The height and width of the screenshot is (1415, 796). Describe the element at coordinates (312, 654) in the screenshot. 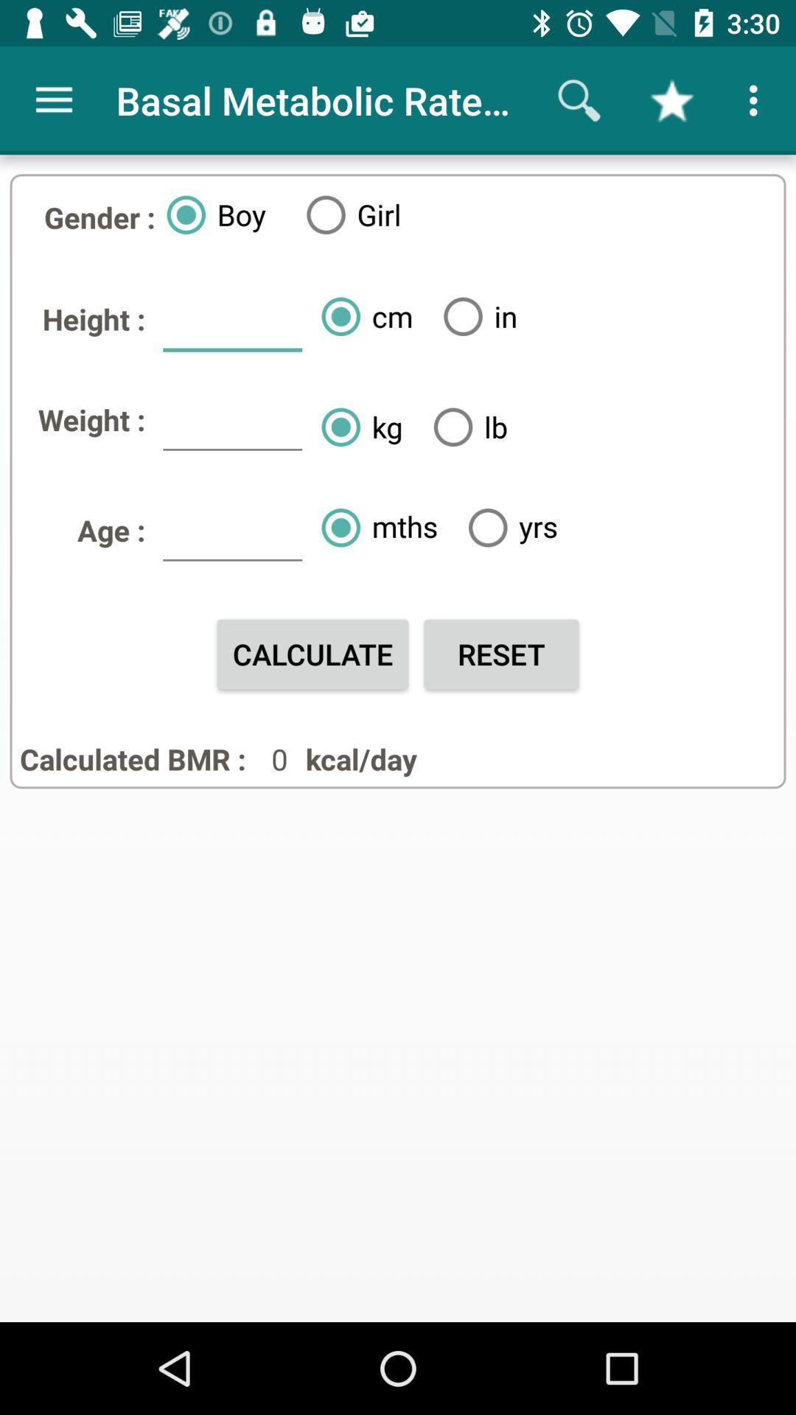

I see `the item to the left of reset` at that location.